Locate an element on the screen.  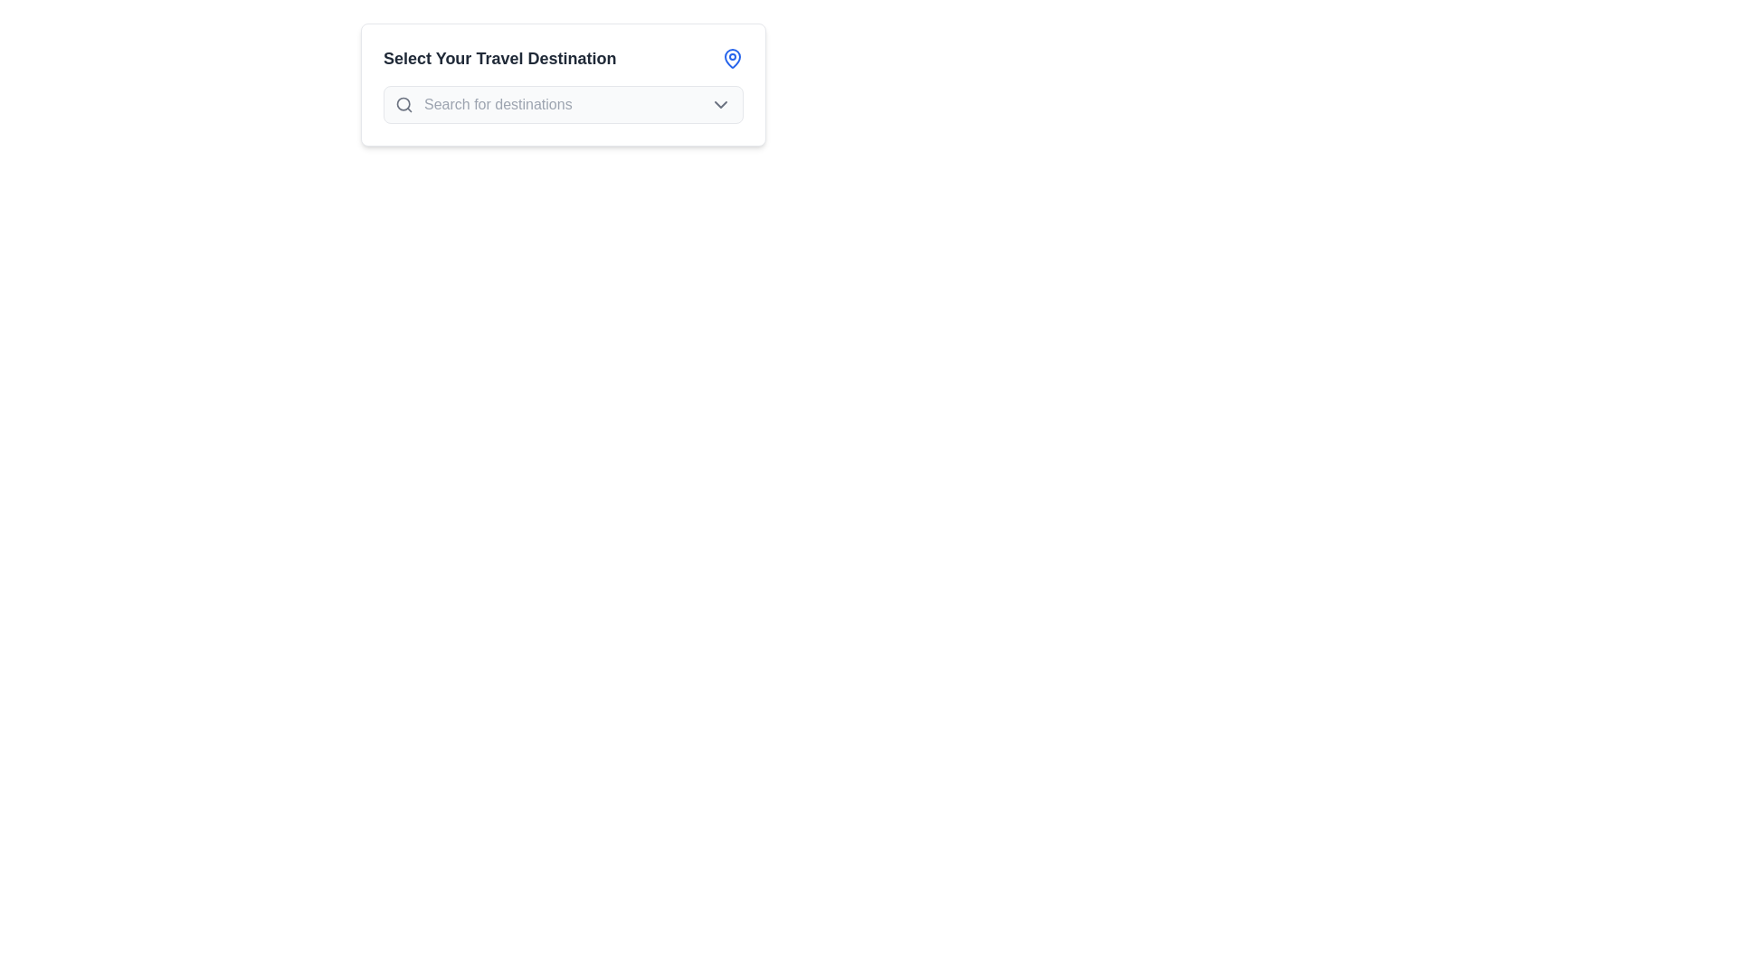
the map pin icon located at the top-right corner of the 'Select Your Travel Destination' heading, which indicates a location-based action is located at coordinates (733, 58).